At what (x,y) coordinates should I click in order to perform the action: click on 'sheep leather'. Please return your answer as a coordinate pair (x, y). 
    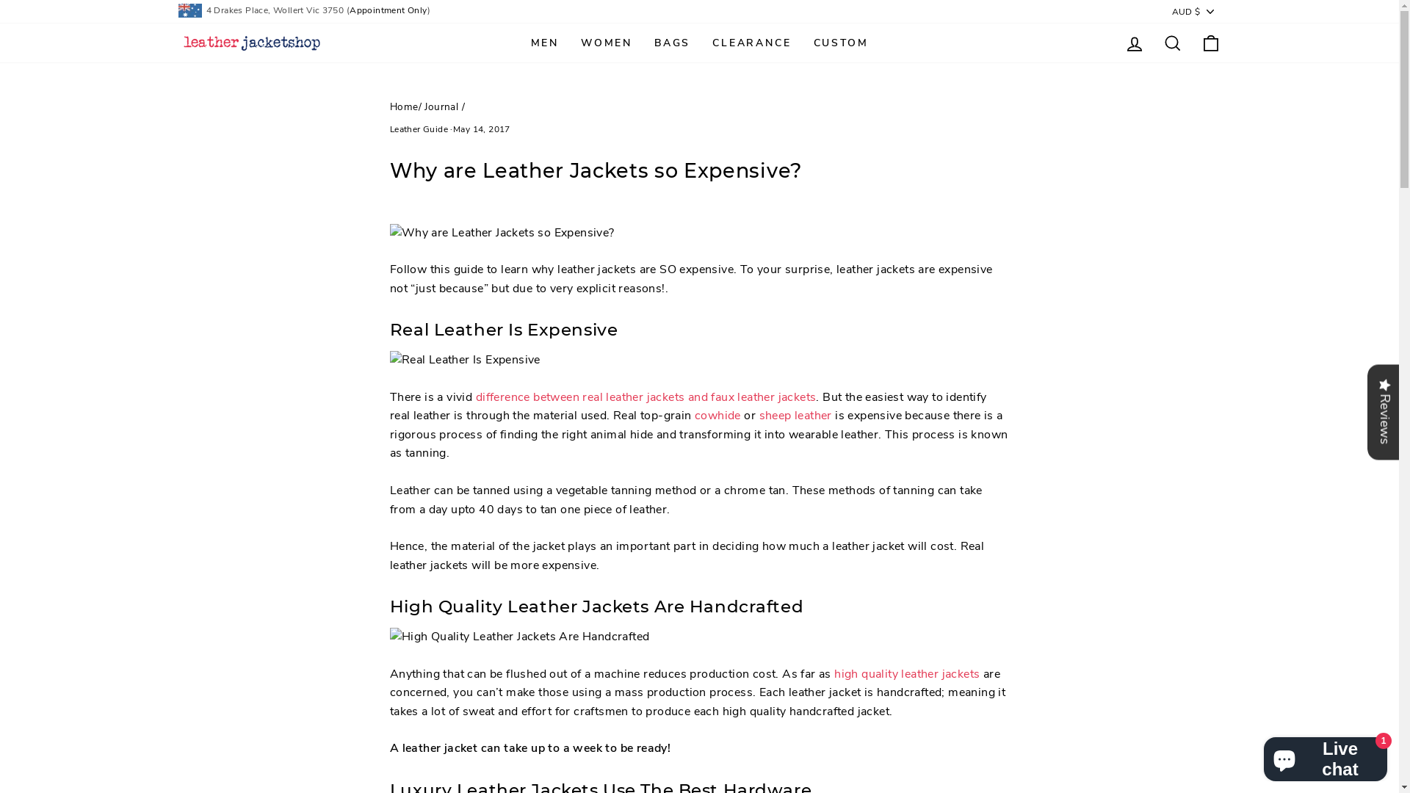
    Looking at the image, I should click on (795, 416).